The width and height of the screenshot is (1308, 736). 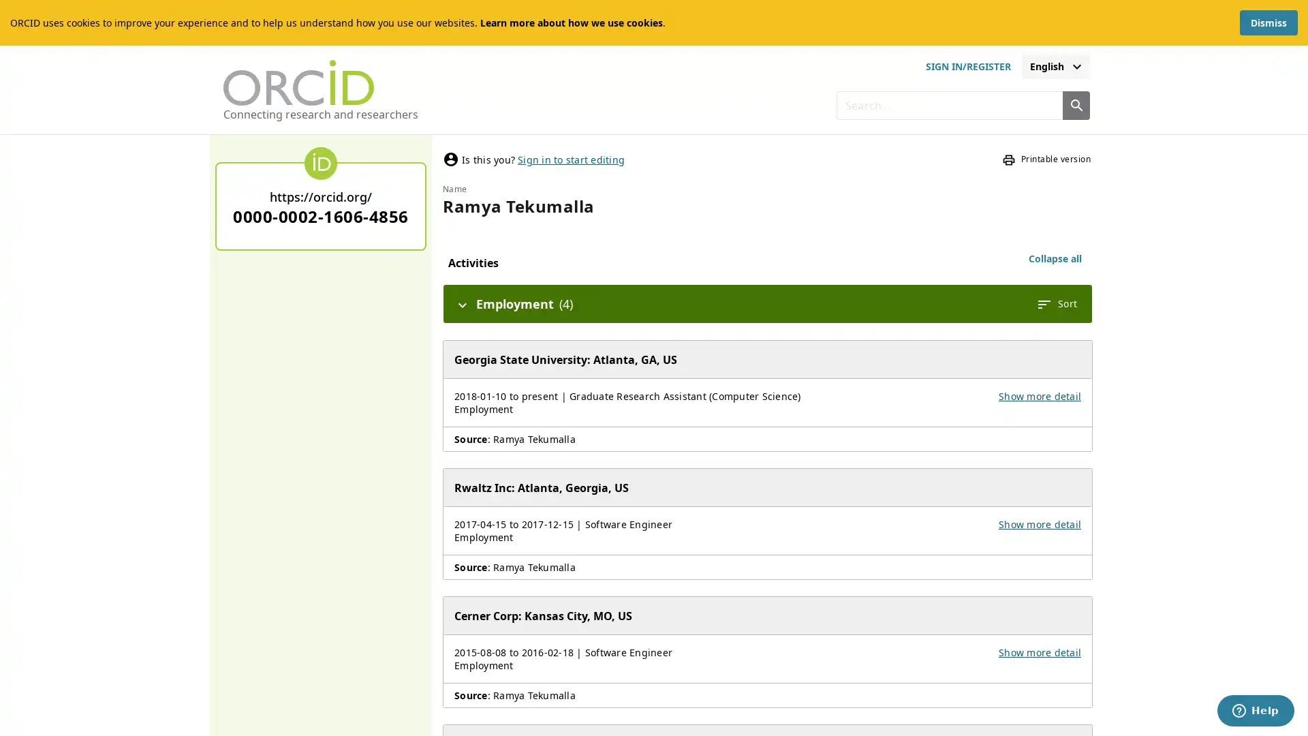 I want to click on Collapse all, so click(x=1055, y=259).